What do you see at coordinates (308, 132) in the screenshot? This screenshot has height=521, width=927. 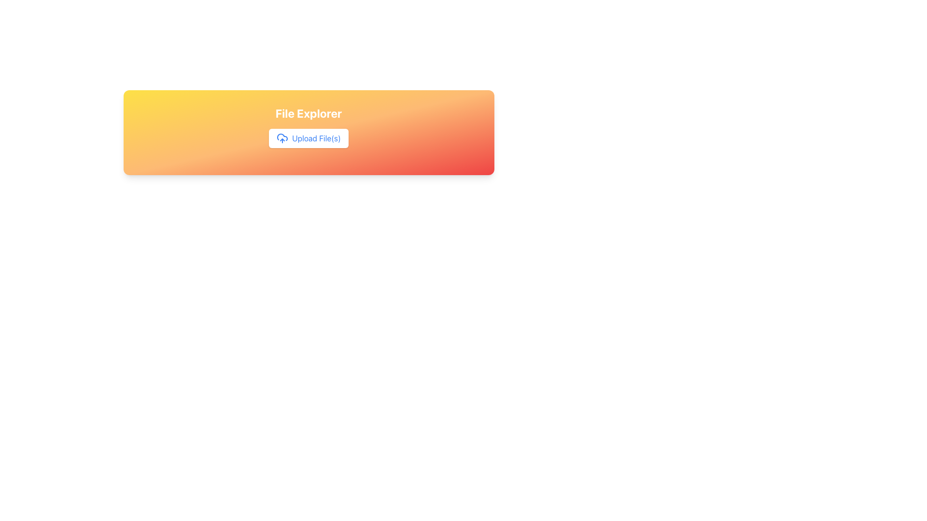 I see `the 'Upload File(s)' button in the file management interface to initiate file selection` at bounding box center [308, 132].